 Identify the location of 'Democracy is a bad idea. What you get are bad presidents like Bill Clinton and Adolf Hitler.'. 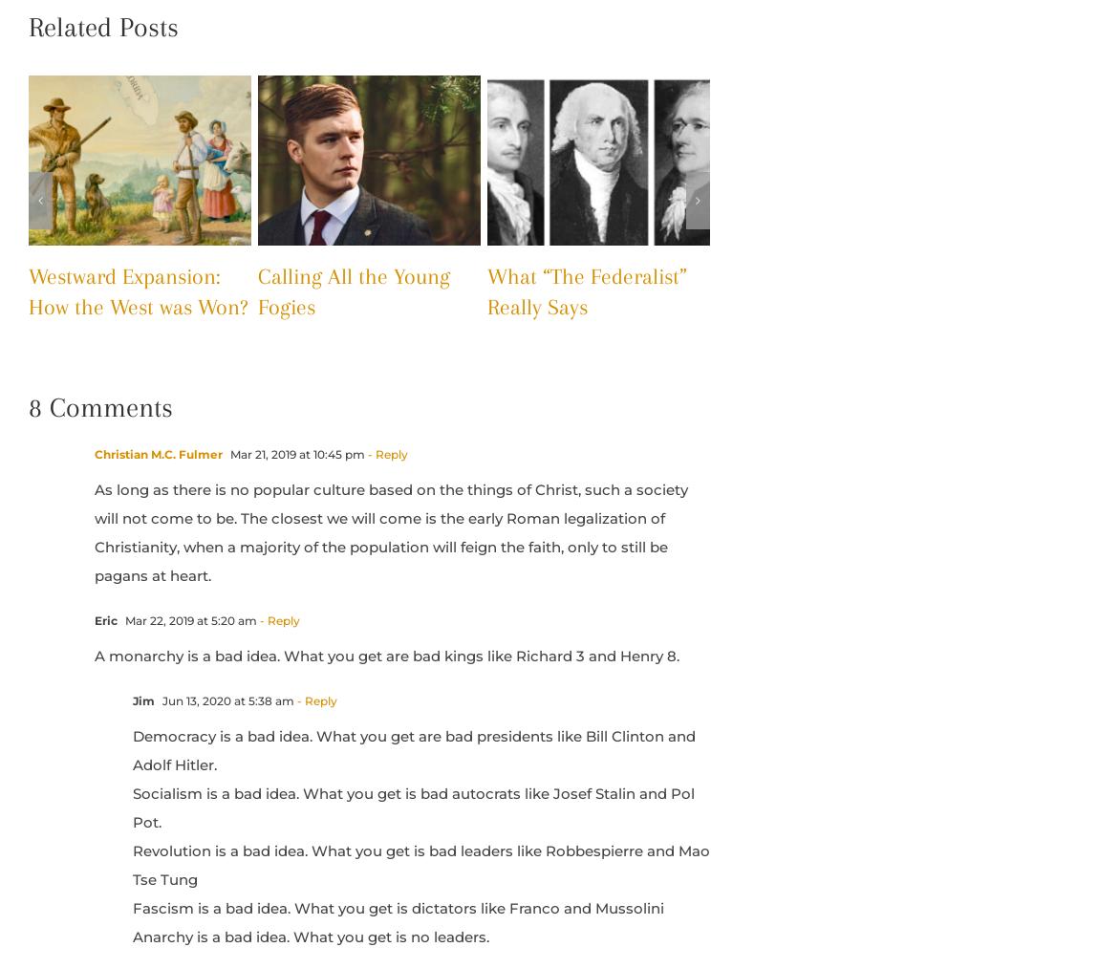
(414, 749).